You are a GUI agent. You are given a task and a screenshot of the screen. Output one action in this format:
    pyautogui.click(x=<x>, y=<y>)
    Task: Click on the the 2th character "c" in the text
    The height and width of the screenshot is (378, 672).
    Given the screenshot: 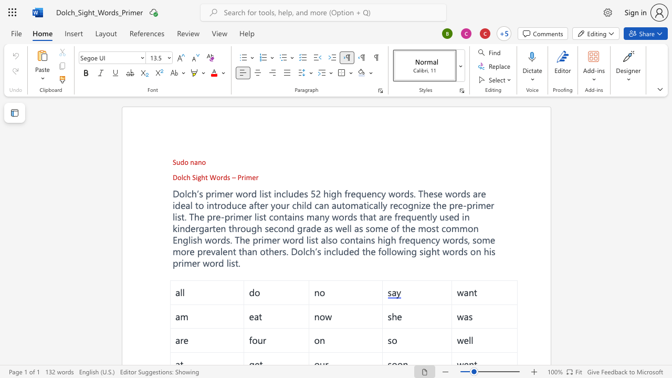 What is the action you would take?
    pyautogui.click(x=307, y=251)
    